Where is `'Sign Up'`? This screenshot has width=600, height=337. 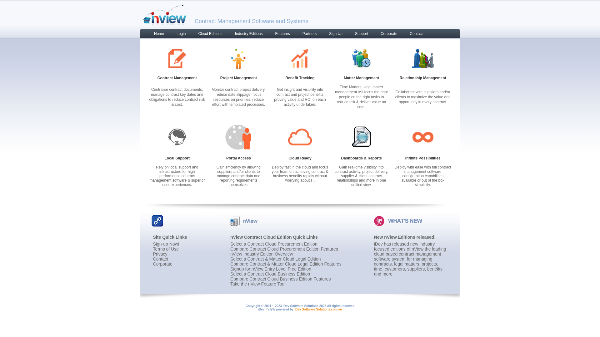
'Sign Up' is located at coordinates (332, 35).